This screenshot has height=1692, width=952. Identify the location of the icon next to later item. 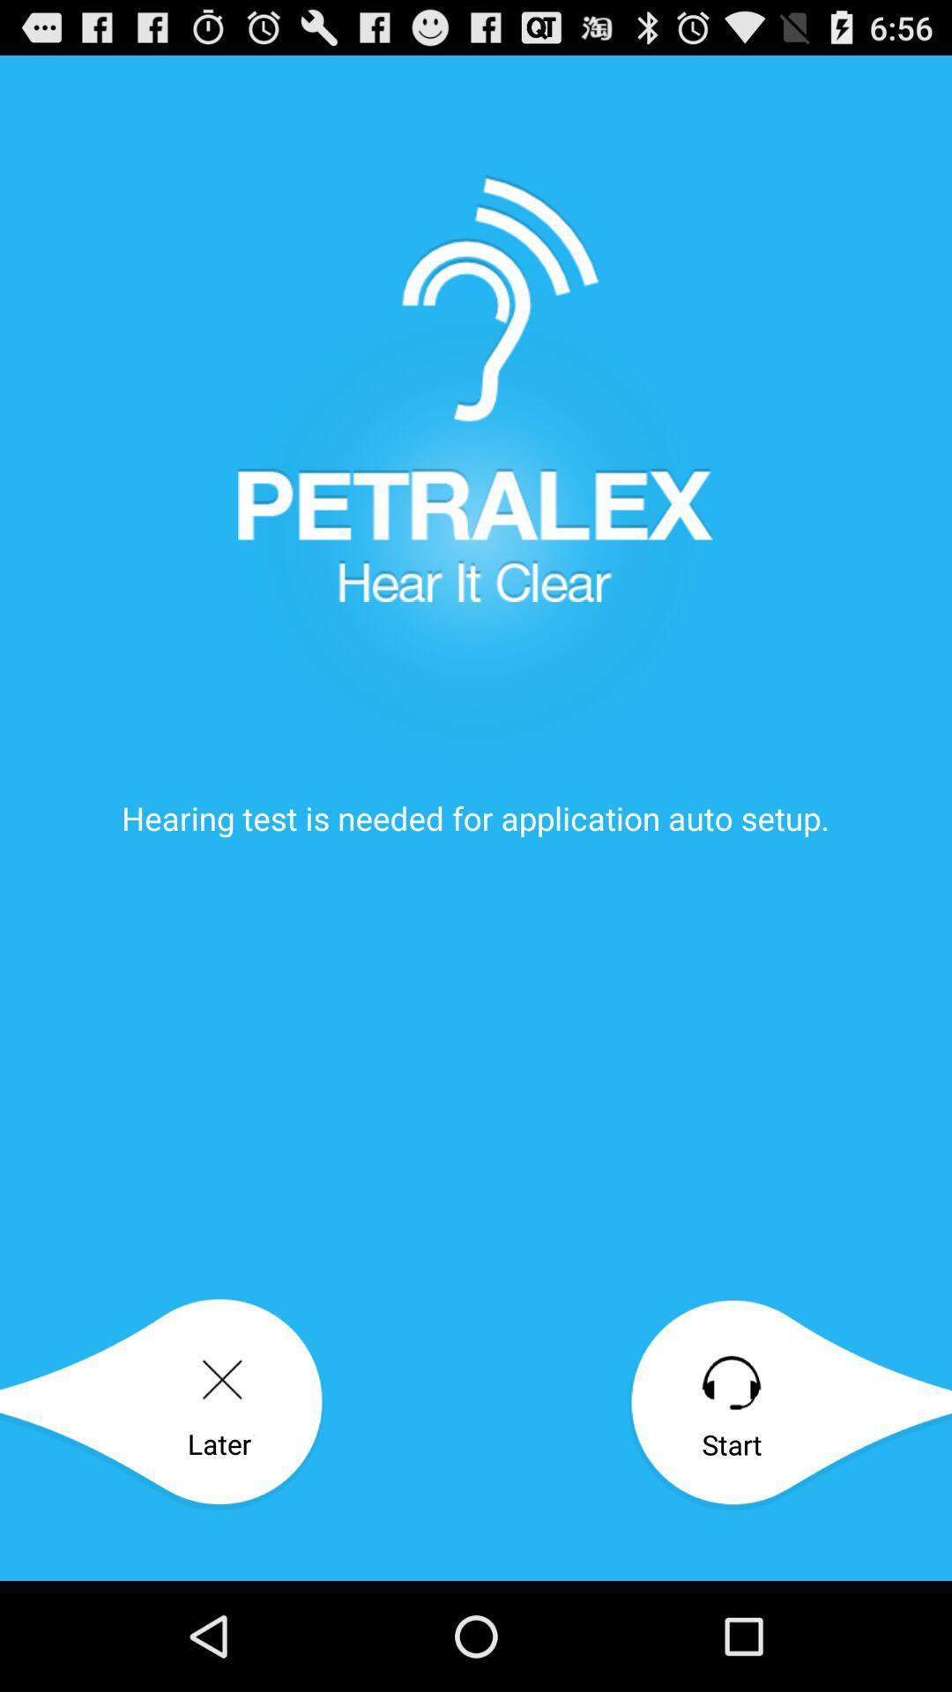
(789, 1404).